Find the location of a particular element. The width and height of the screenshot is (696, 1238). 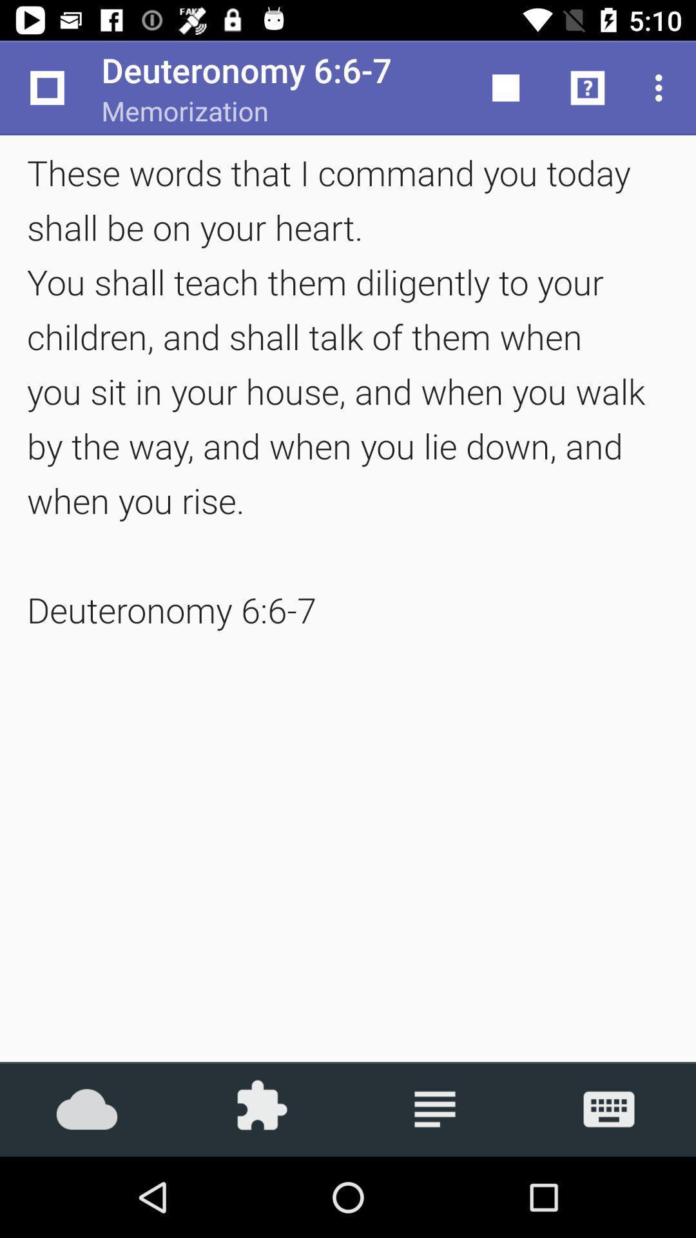

the item next to deuteronomy 6 6 is located at coordinates (505, 87).